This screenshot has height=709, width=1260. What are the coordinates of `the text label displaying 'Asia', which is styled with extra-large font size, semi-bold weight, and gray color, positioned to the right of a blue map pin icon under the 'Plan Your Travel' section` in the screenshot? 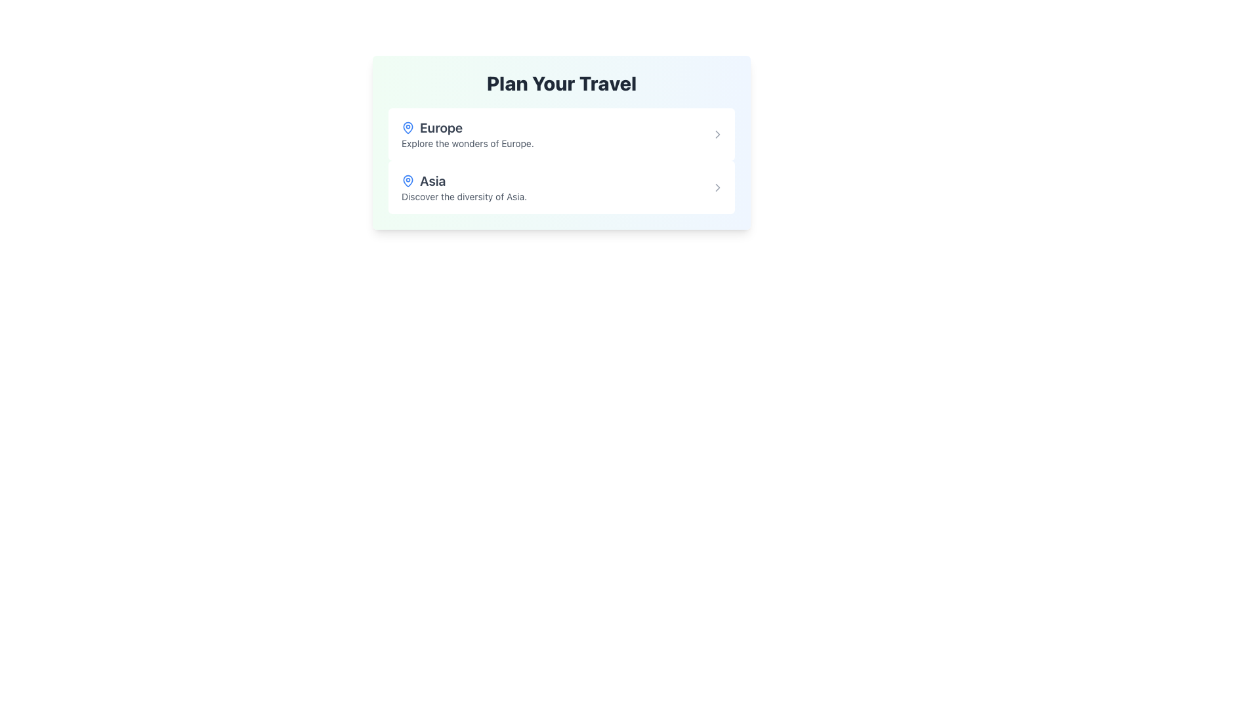 It's located at (432, 181).